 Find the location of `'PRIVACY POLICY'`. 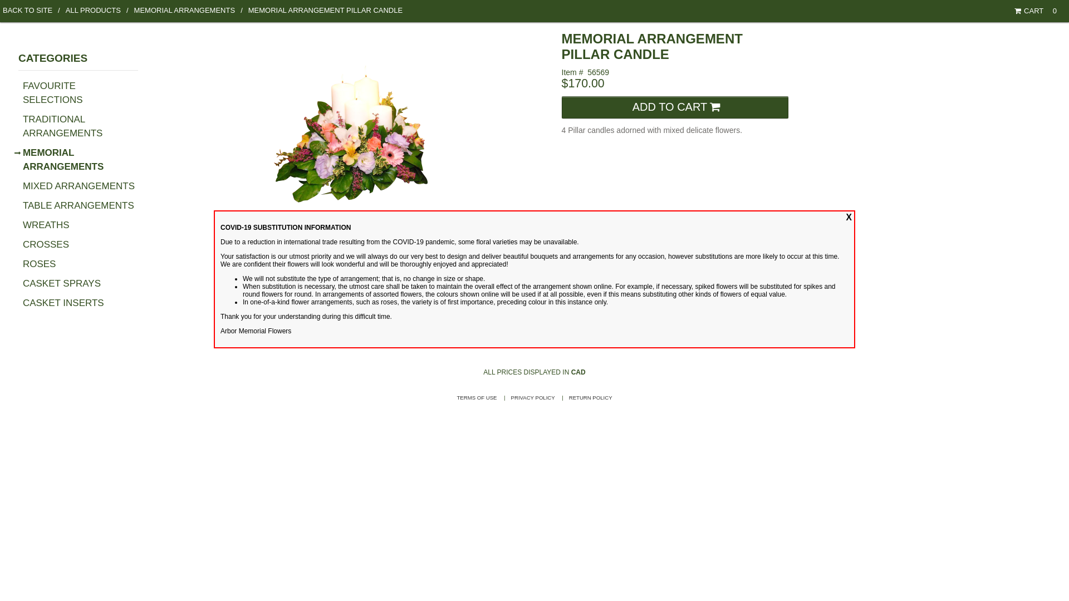

'PRIVACY POLICY' is located at coordinates (532, 397).